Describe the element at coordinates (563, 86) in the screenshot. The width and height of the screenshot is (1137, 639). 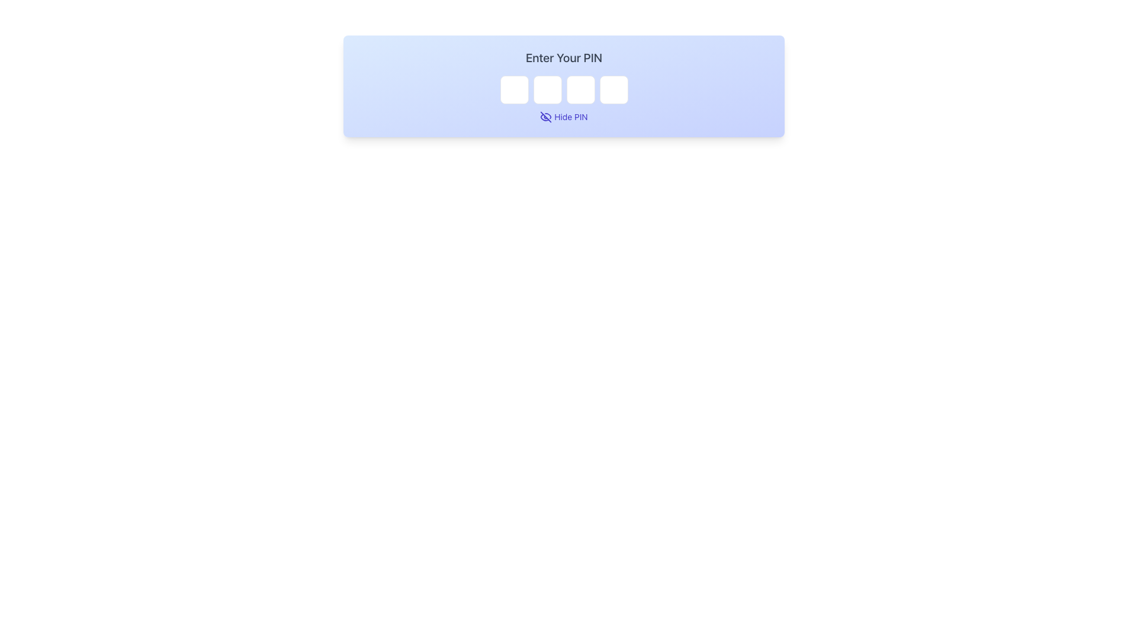
I see `and type into the input fields of the composite PIN entry section, which includes four fields and a visibility toggle for entering a PIN` at that location.